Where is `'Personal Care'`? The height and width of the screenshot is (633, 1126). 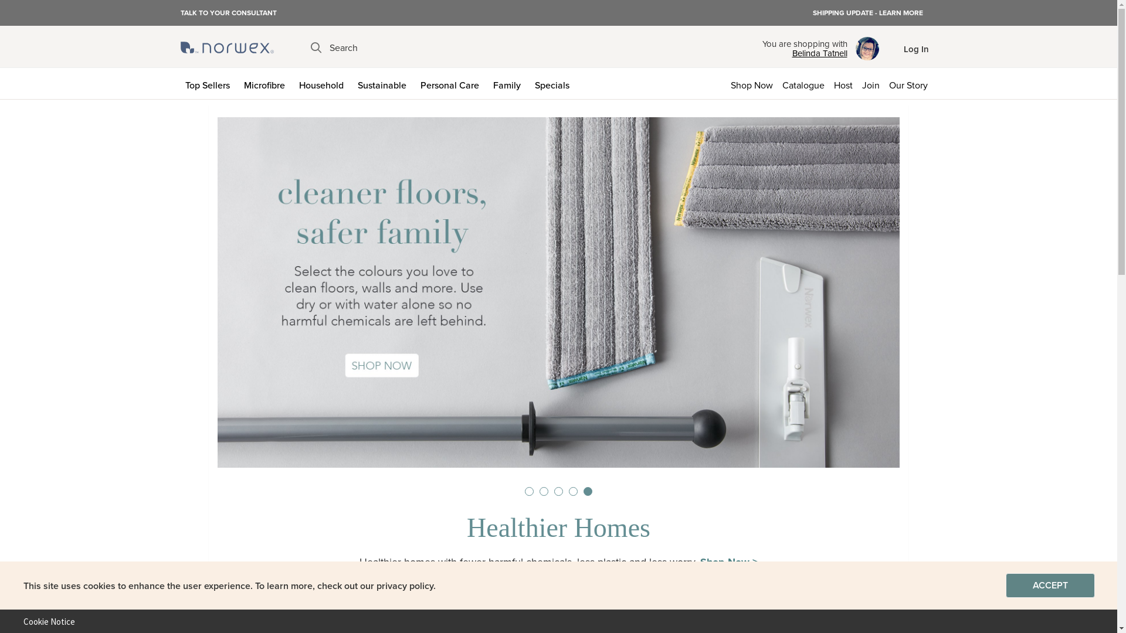 'Personal Care' is located at coordinates (450, 83).